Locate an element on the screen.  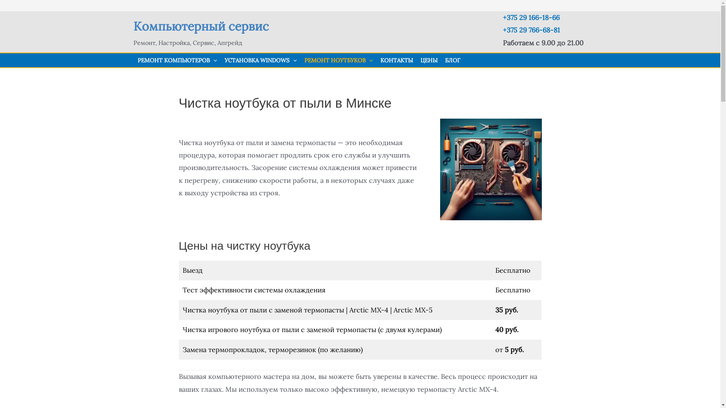
'+375 29 166-18-66' is located at coordinates (503, 17).